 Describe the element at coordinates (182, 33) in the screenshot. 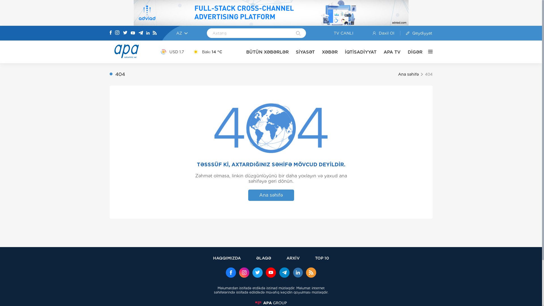

I see `'AZ'` at that location.